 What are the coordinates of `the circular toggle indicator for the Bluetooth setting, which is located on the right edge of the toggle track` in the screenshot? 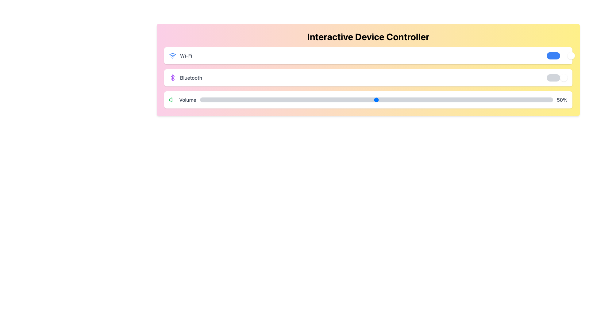 It's located at (564, 78).